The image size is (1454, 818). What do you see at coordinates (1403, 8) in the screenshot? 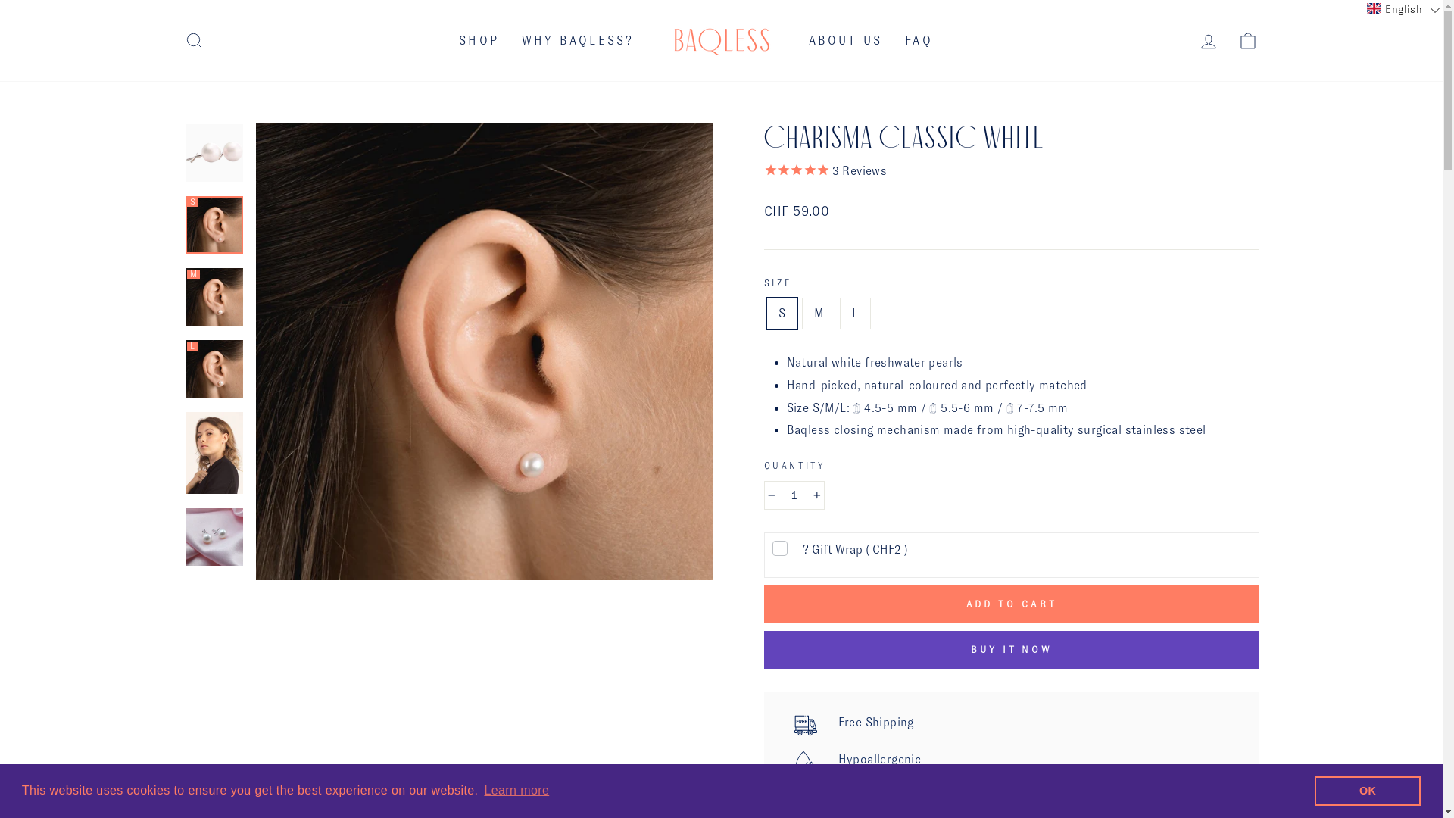
I see `'English'` at bounding box center [1403, 8].